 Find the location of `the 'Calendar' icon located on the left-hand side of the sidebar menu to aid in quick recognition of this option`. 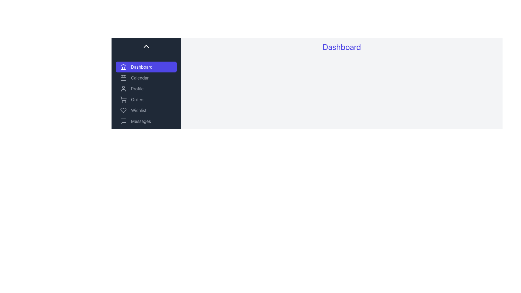

the 'Calendar' icon located on the left-hand side of the sidebar menu to aid in quick recognition of this option is located at coordinates (123, 78).